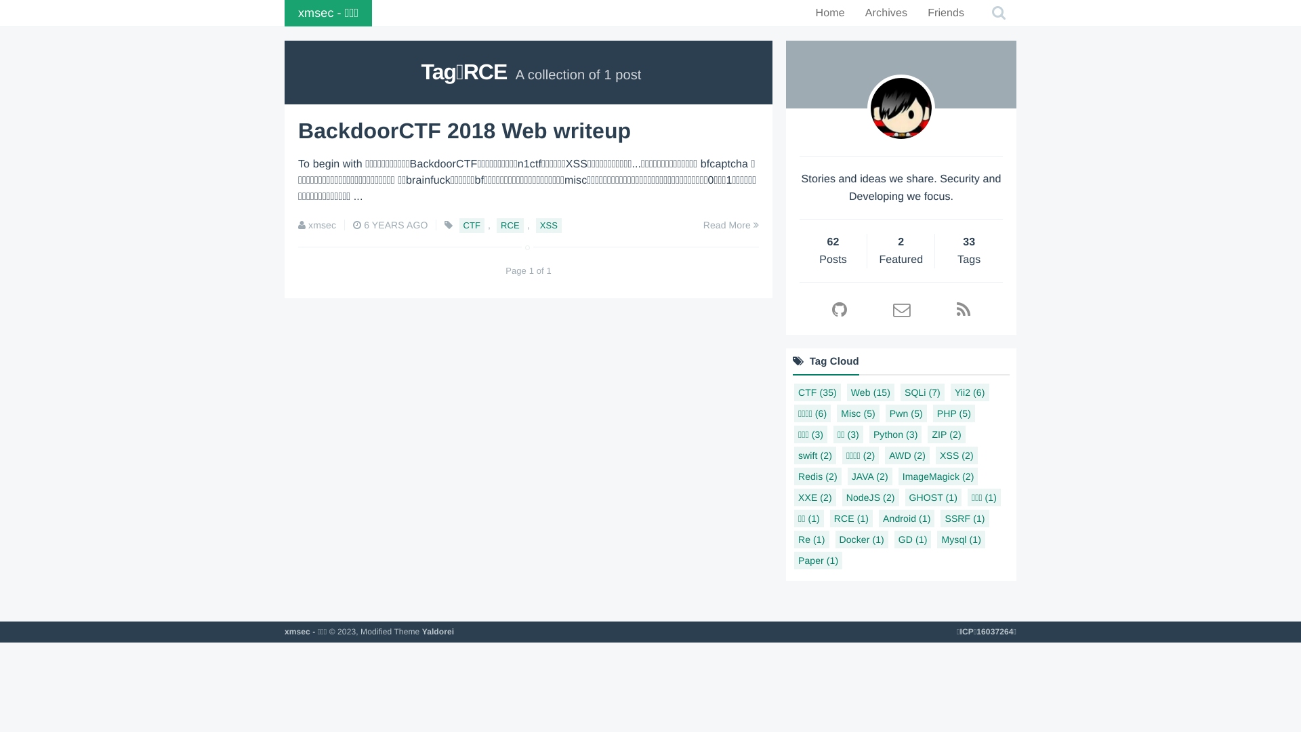  What do you see at coordinates (907, 518) in the screenshot?
I see `'Android (1)'` at bounding box center [907, 518].